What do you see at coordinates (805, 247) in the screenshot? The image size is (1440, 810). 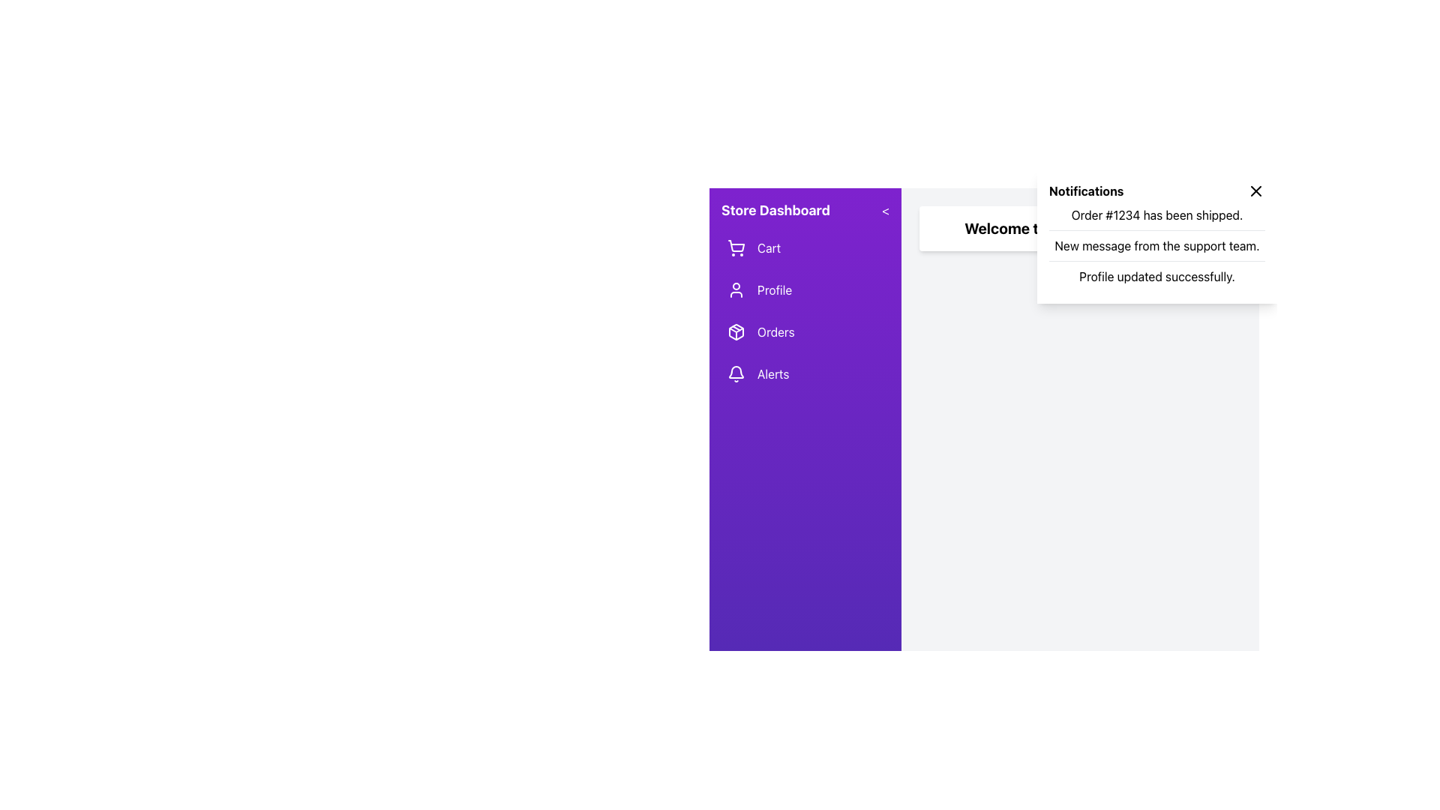 I see `the purple 'Cart' button located at the top of the vertical menu on the left sidebar` at bounding box center [805, 247].